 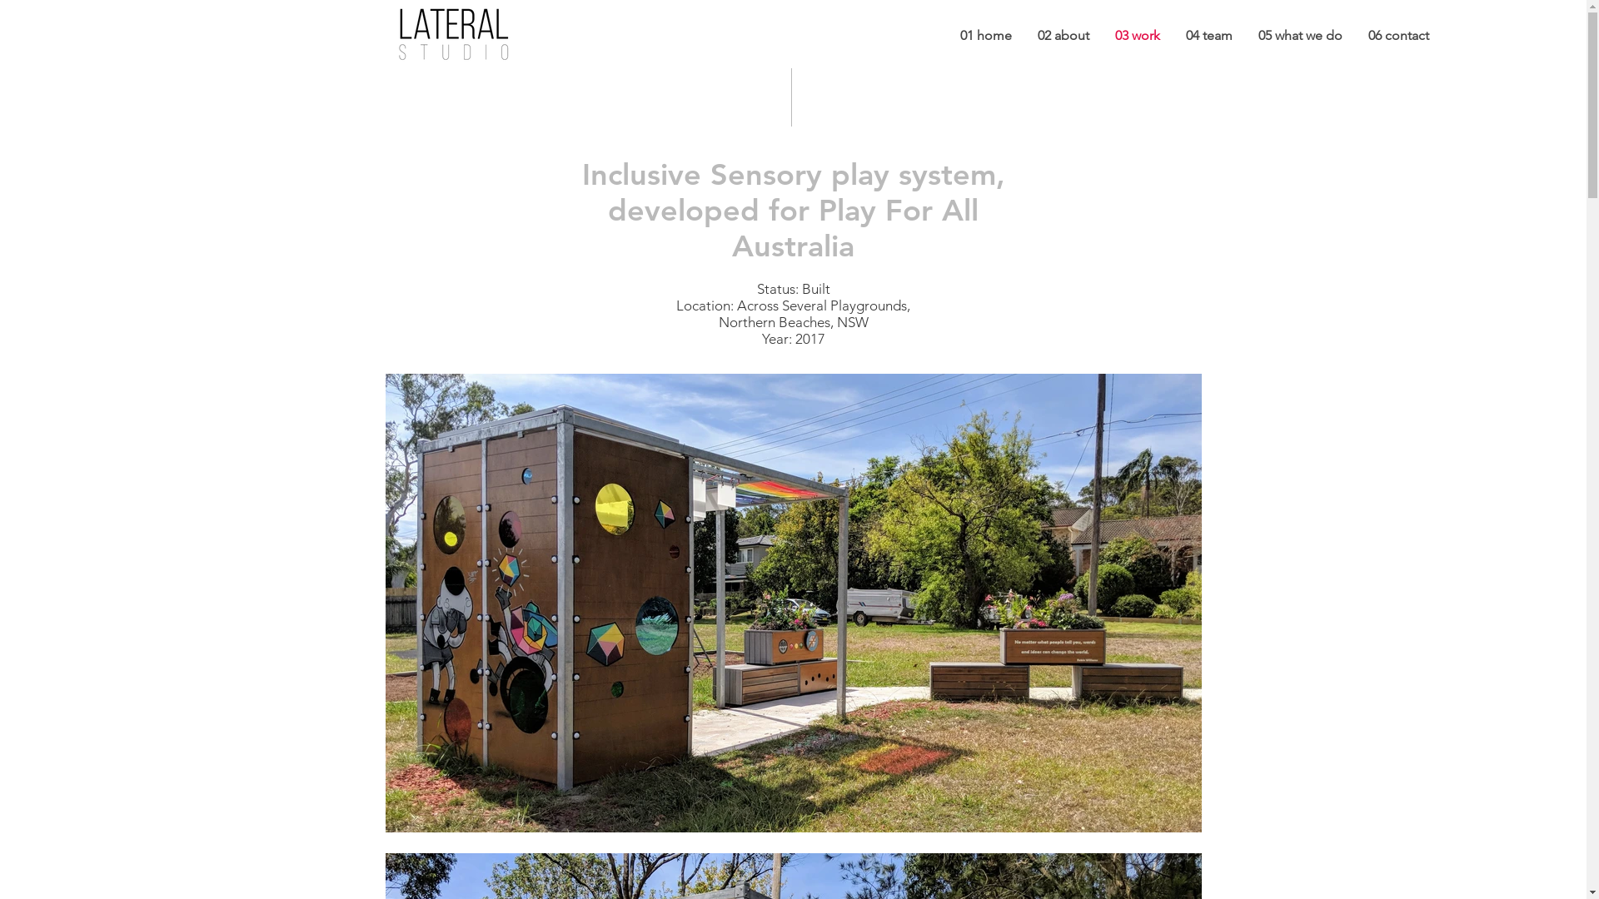 What do you see at coordinates (1298, 35) in the screenshot?
I see `'05 what we do'` at bounding box center [1298, 35].